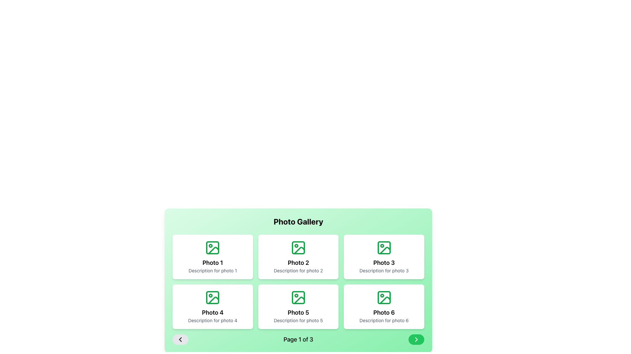 The image size is (631, 354). What do you see at coordinates (213, 270) in the screenshot?
I see `the Text Label that provides supplementary information for 'Photo 1', located at the bottom of the card in the photo gallery interface` at bounding box center [213, 270].